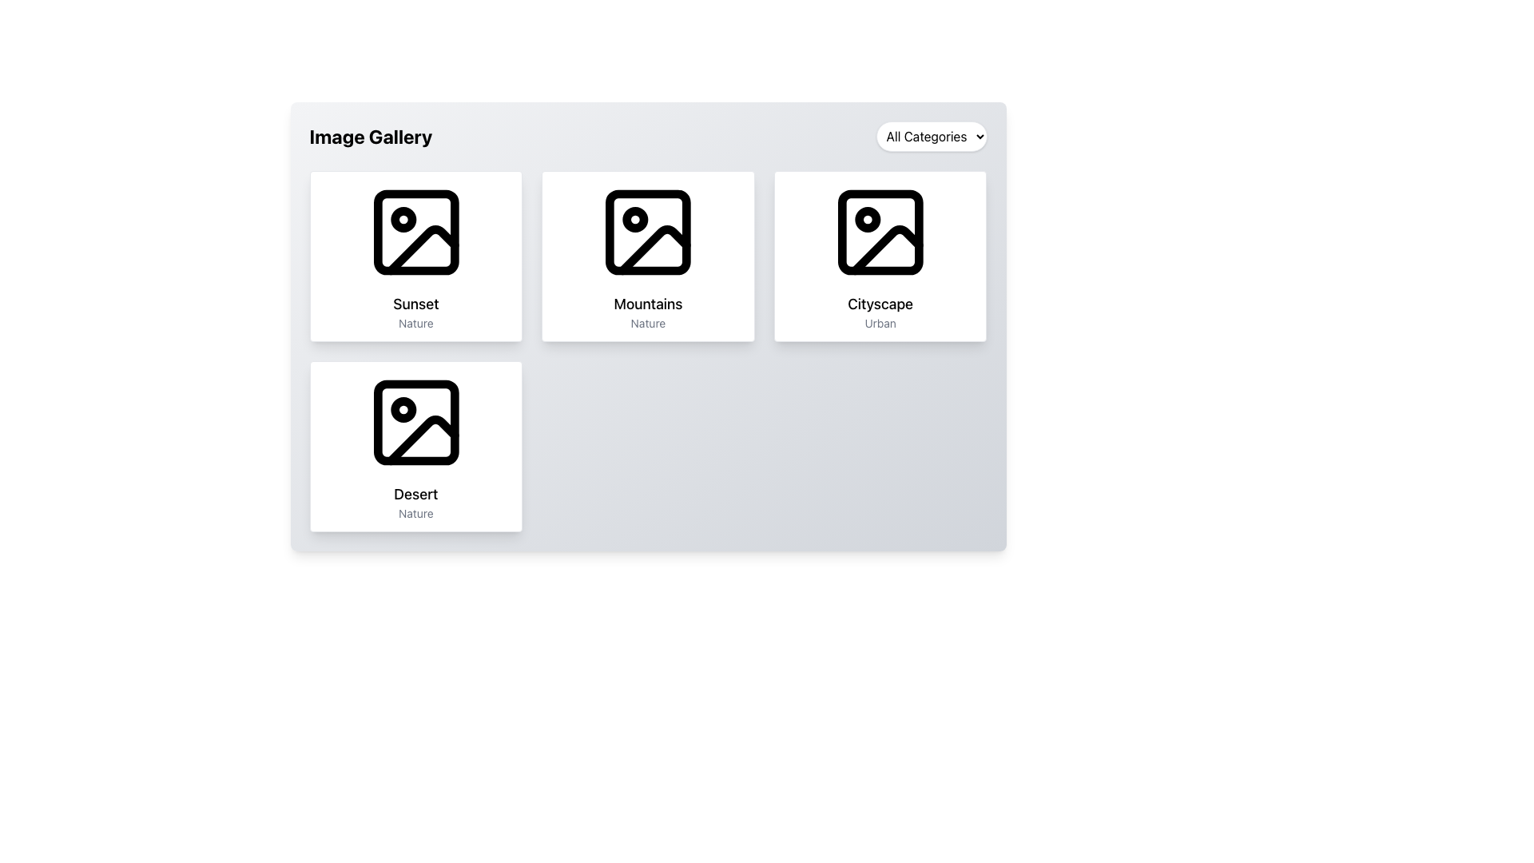 The image size is (1534, 863). I want to click on the 'Desert Nature' item card, which is the fourth card in a 2x3 grid layout, so click(415, 447).